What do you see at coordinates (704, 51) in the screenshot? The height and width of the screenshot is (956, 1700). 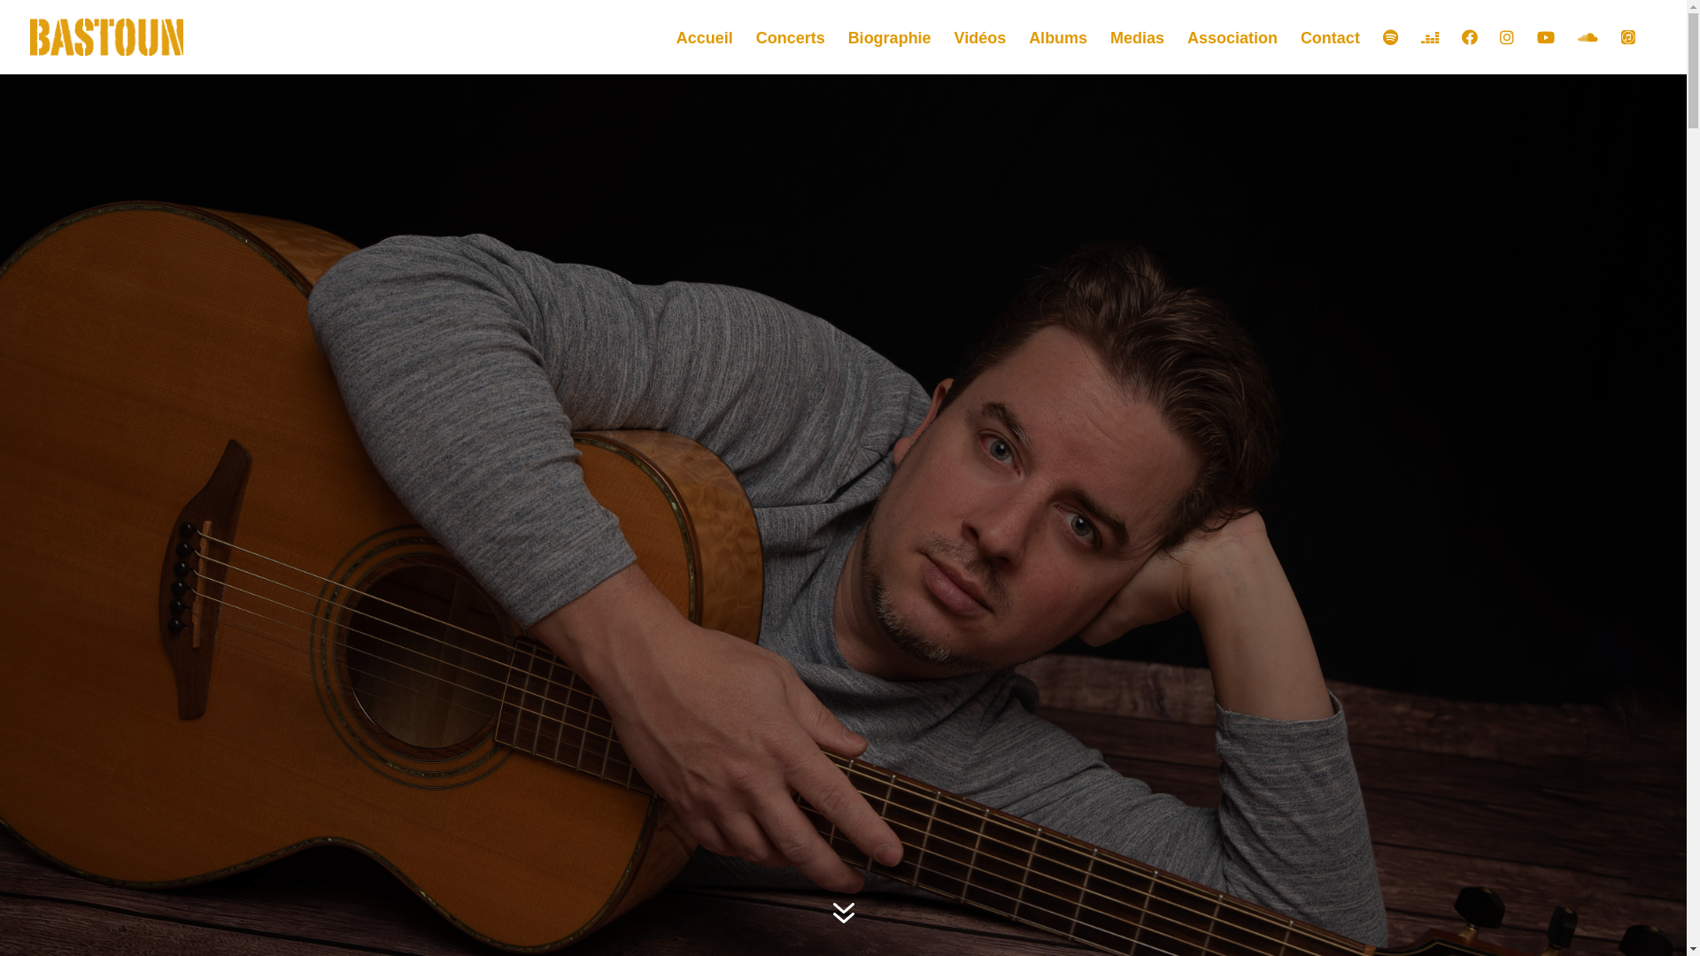 I see `'Accueil'` at bounding box center [704, 51].